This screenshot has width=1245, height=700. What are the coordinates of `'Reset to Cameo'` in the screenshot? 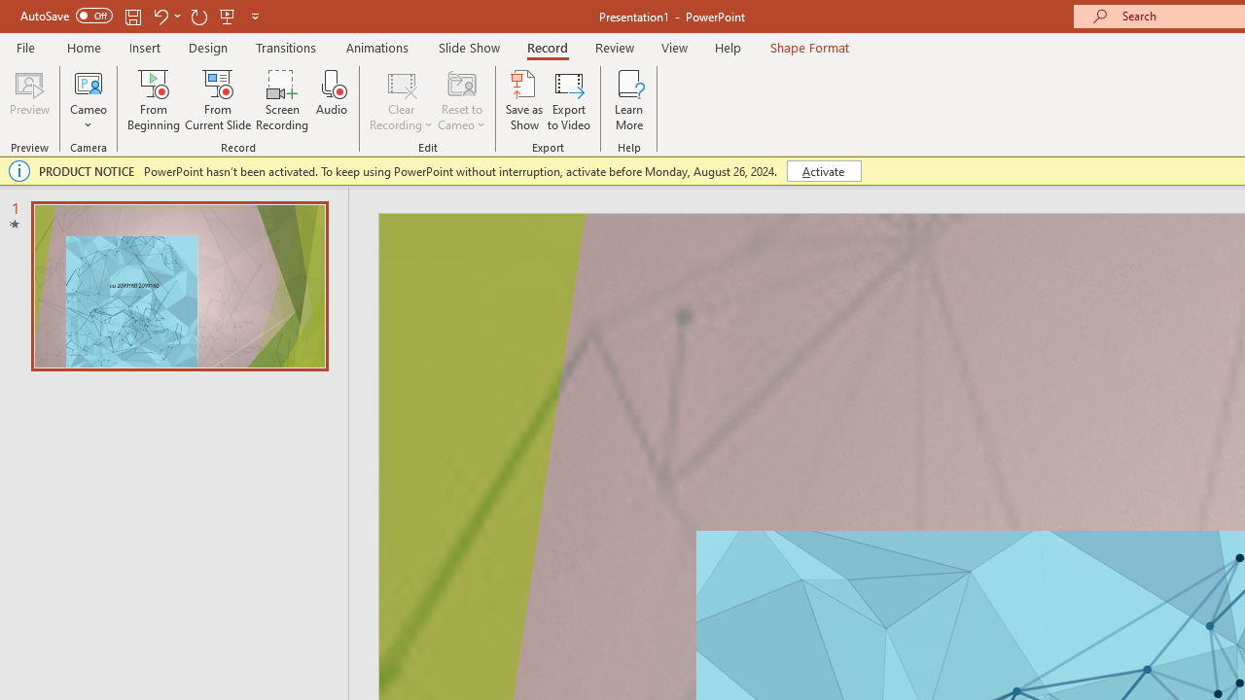 It's located at (460, 100).